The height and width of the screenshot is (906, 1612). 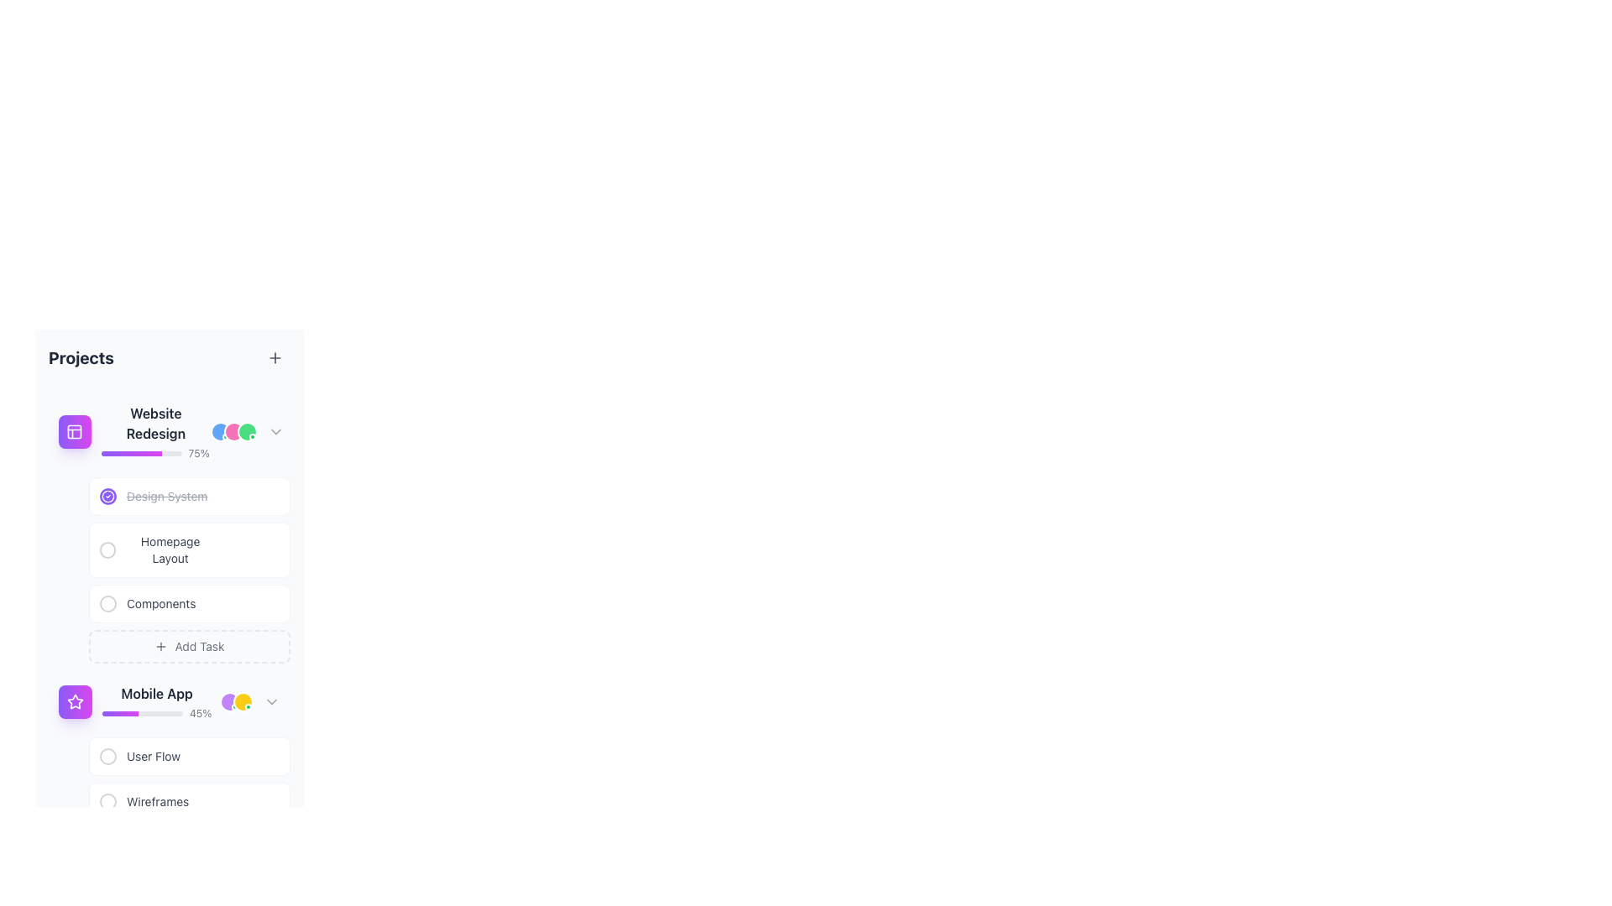 What do you see at coordinates (189, 495) in the screenshot?
I see `the first list item under the 'Website Redesign' project header, which features a purple checkmark icon and the text 'Design System' struck through` at bounding box center [189, 495].